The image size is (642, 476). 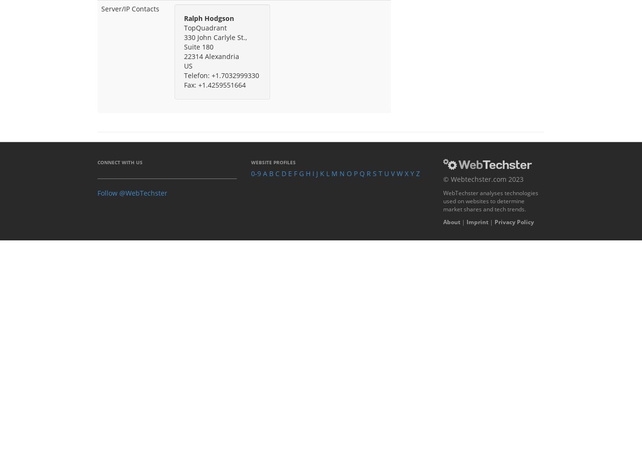 I want to click on 'Server/IP Contacts', so click(x=130, y=8).